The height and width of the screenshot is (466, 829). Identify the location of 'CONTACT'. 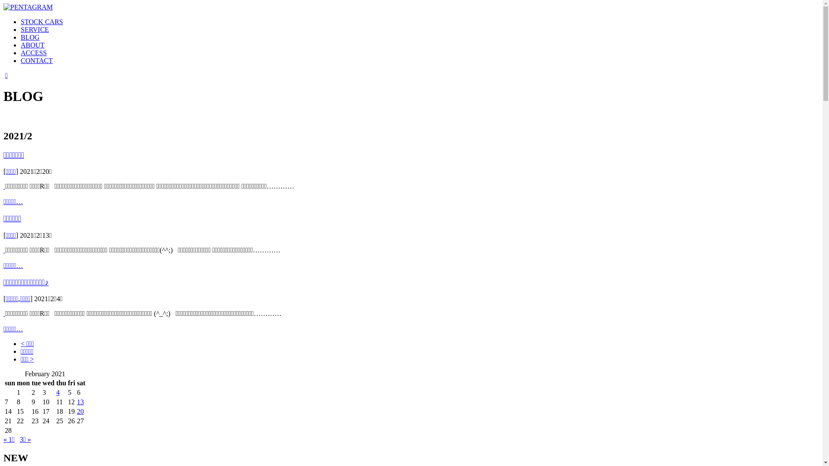
(36, 60).